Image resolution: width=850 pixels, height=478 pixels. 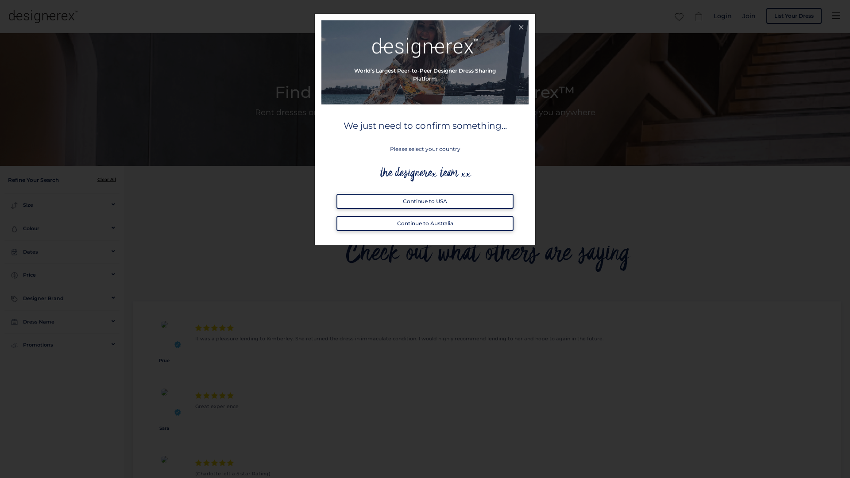 I want to click on 'Continue to USA', so click(x=425, y=201).